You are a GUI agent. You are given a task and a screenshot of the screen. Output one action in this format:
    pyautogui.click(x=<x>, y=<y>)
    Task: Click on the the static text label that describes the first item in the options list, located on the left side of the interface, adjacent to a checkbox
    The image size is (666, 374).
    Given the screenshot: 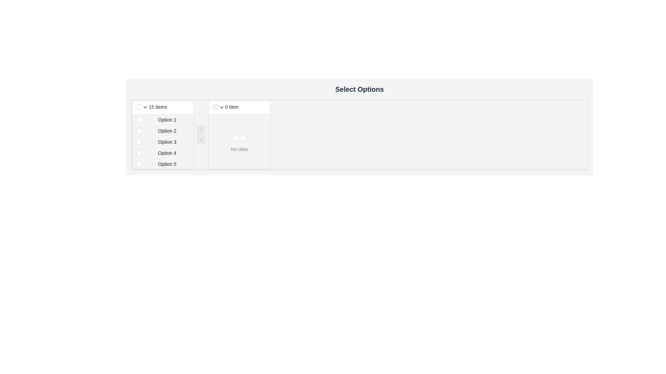 What is the action you would take?
    pyautogui.click(x=167, y=119)
    